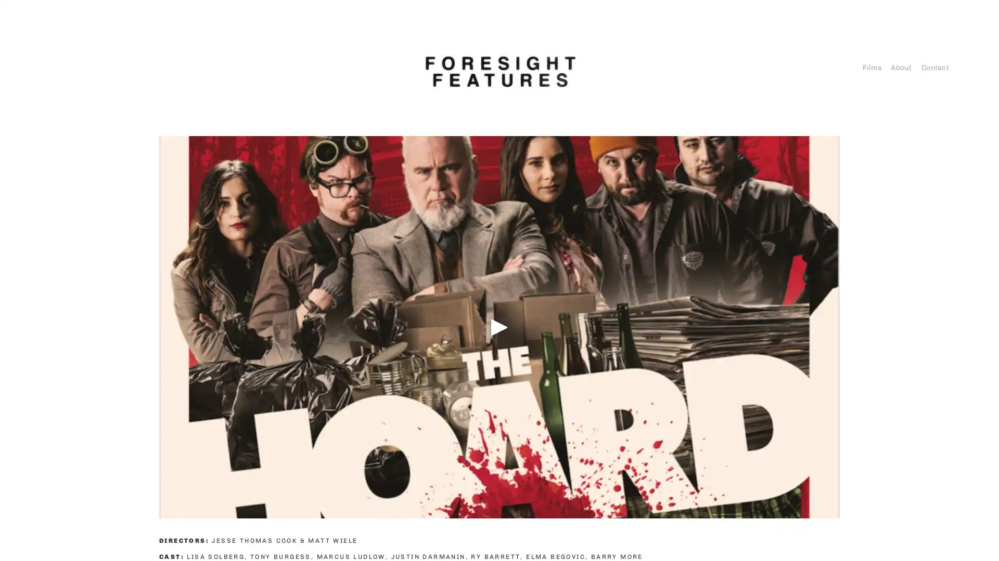 The width and height of the screenshot is (999, 561). I want to click on Play, so click(499, 326).